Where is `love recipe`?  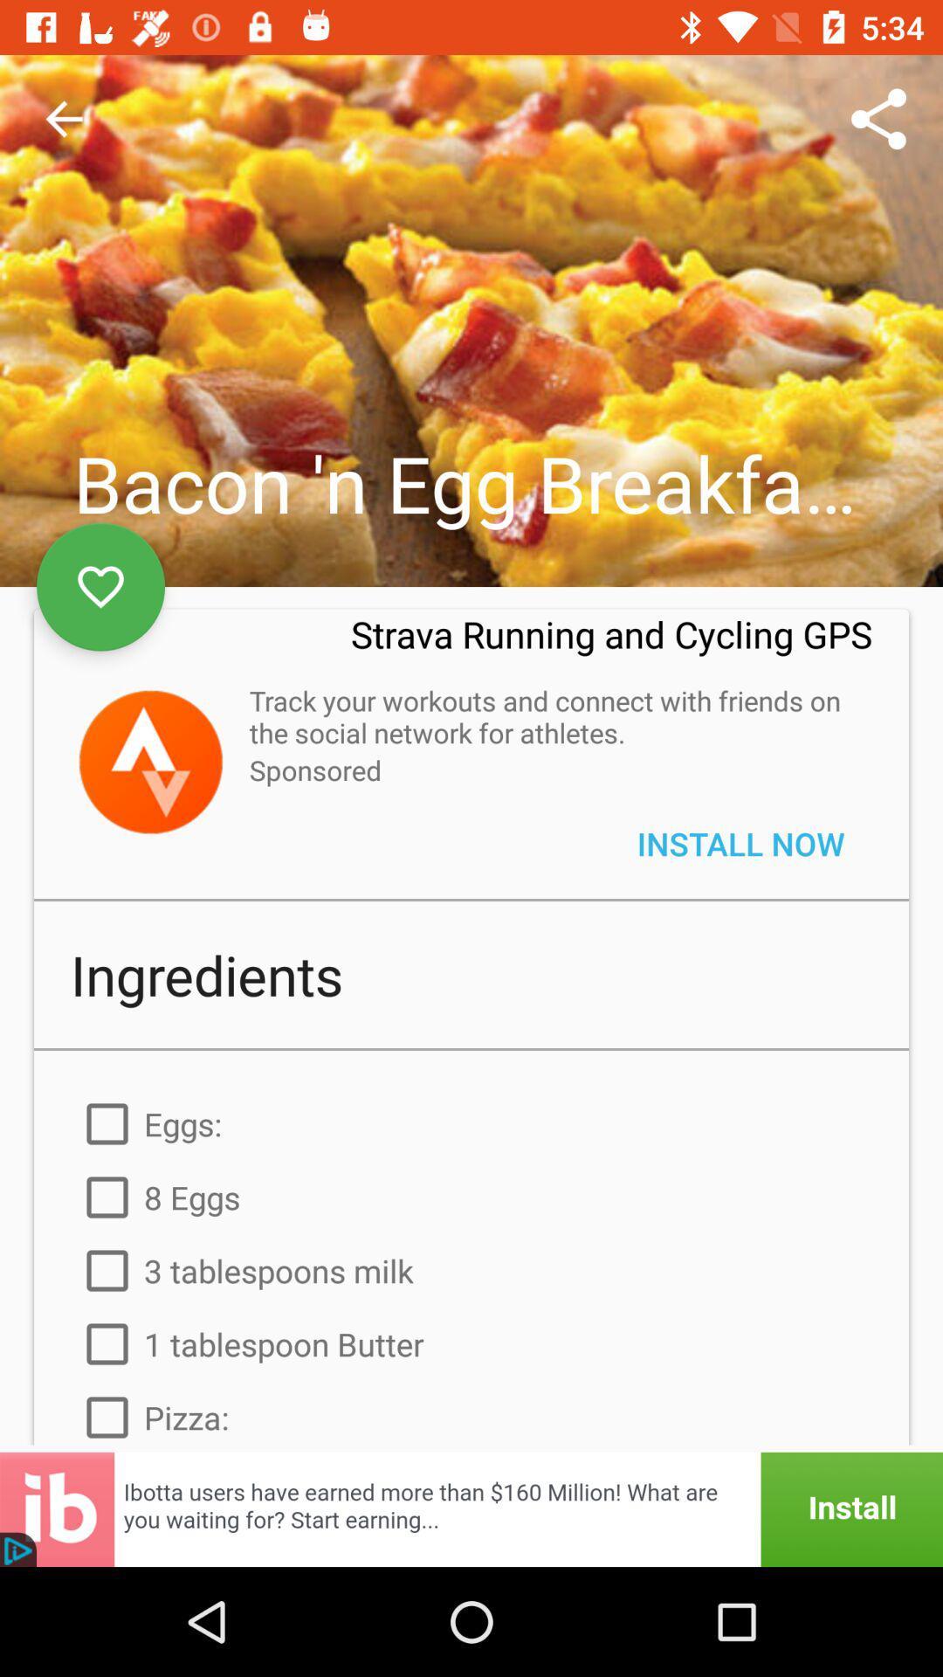
love recipe is located at coordinates (100, 587).